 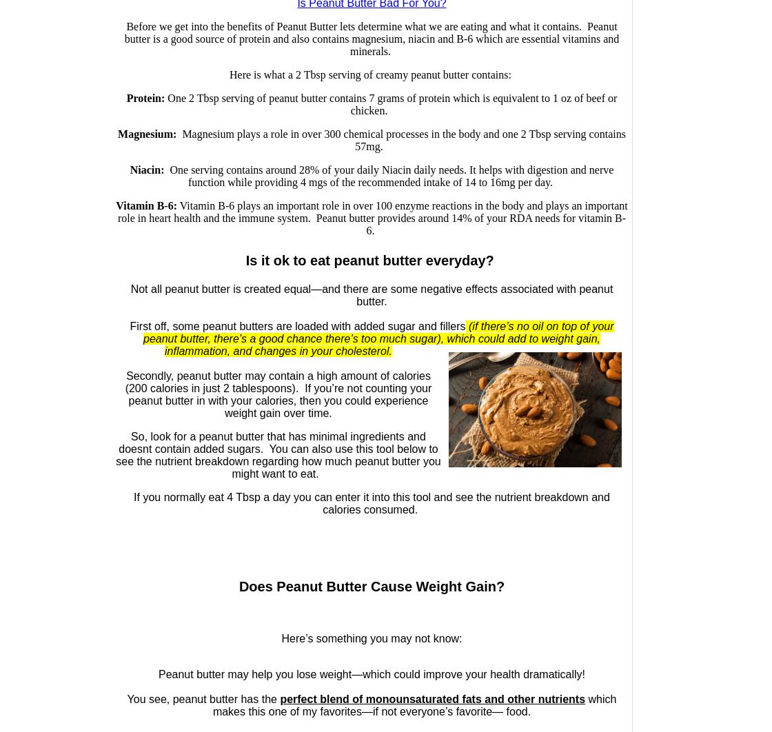 What do you see at coordinates (147, 170) in the screenshot?
I see `'Niacin:'` at bounding box center [147, 170].